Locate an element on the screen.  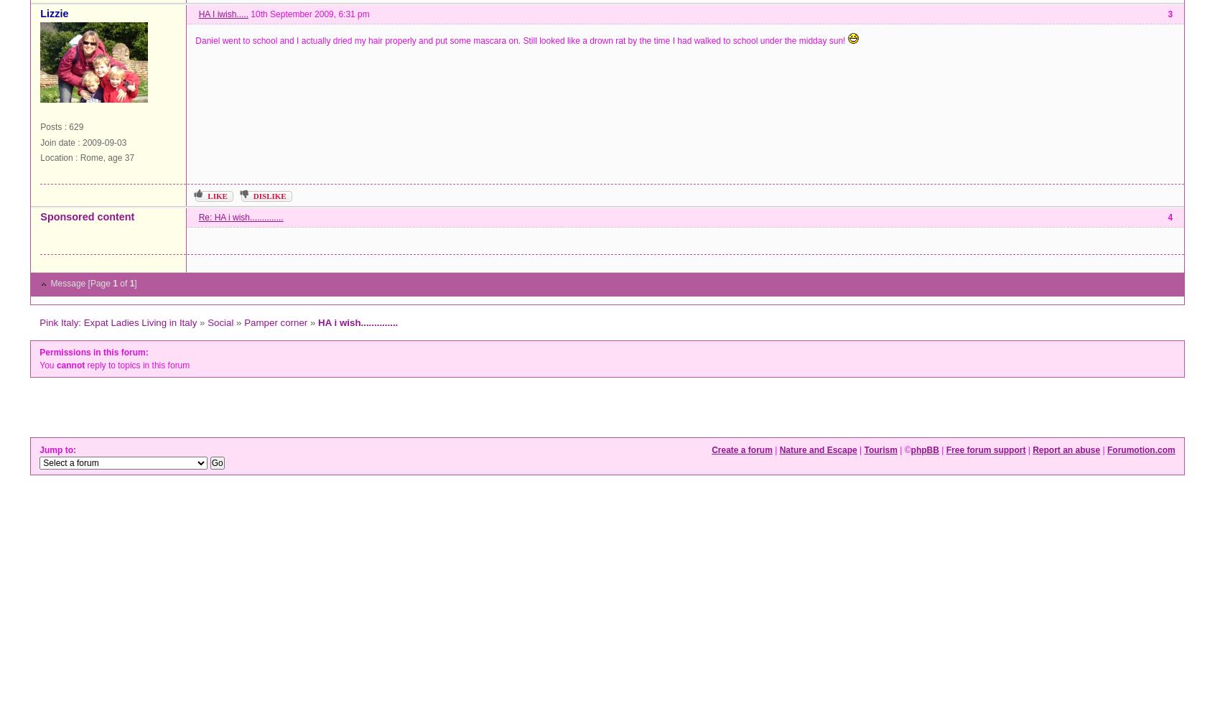
'Like' is located at coordinates (206, 195).